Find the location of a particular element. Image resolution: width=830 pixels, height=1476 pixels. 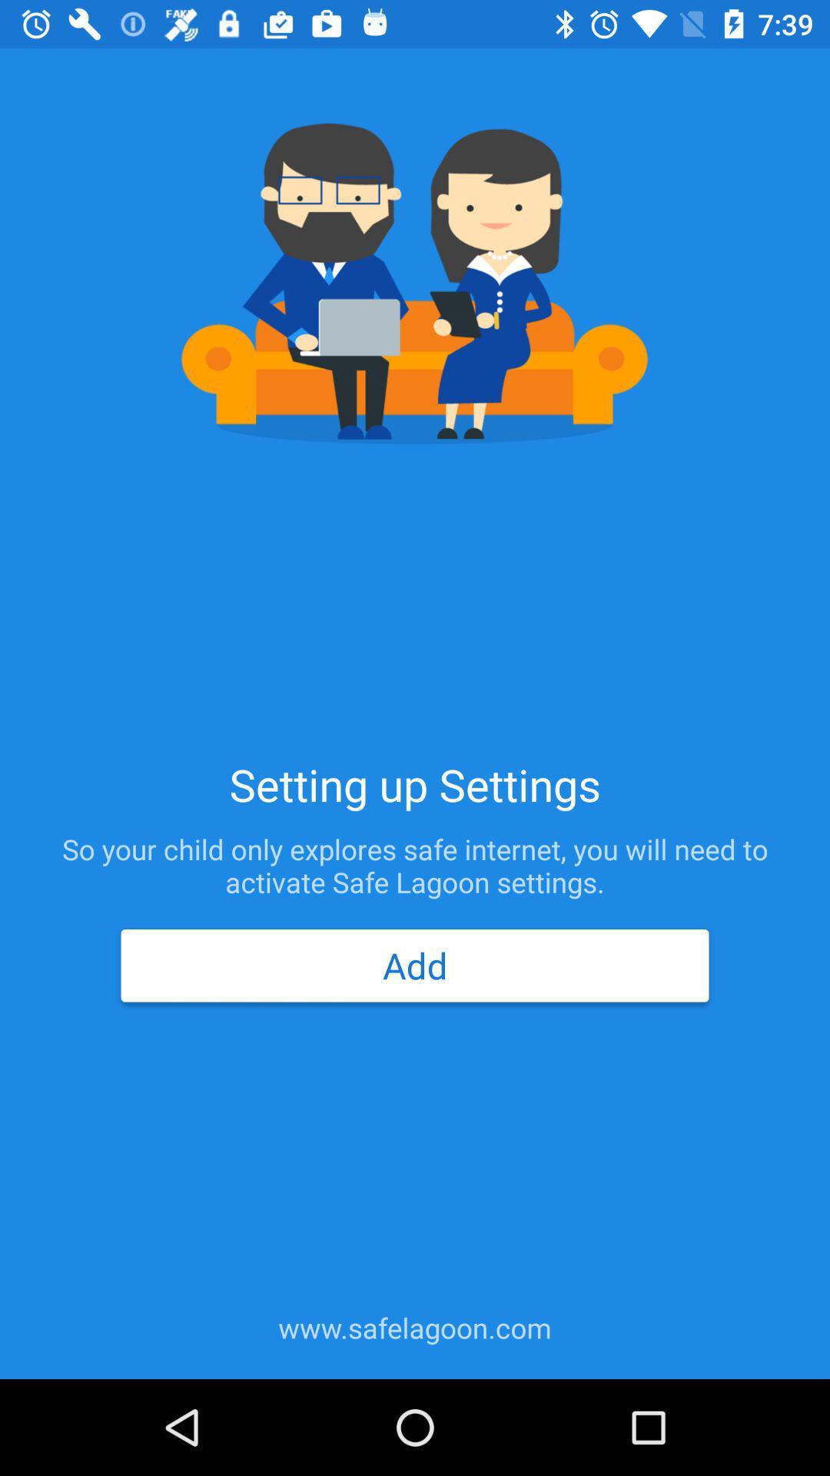

add is located at coordinates (415, 965).